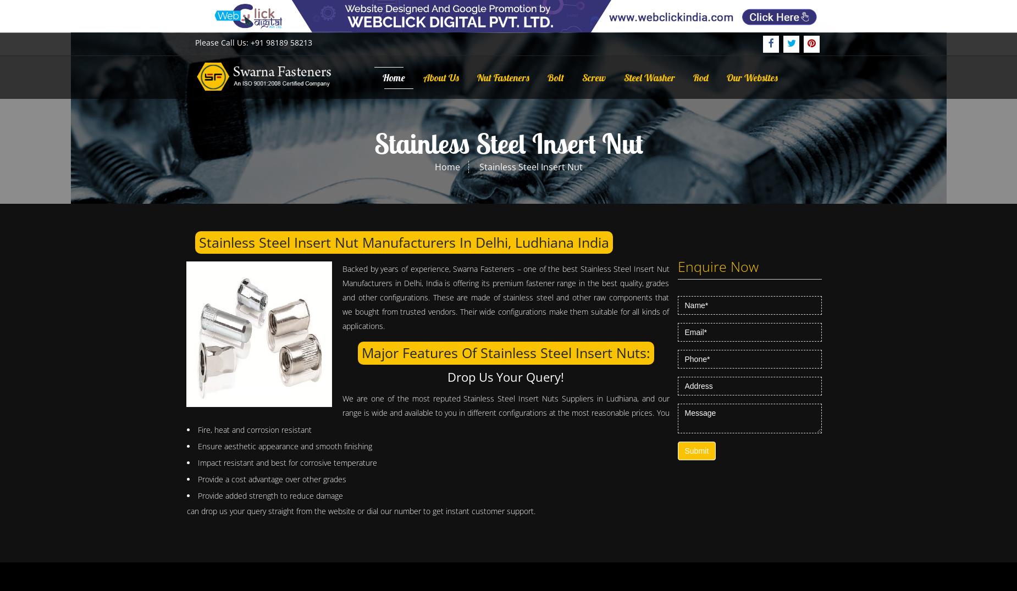 The width and height of the screenshot is (1017, 591). Describe the element at coordinates (717, 265) in the screenshot. I see `'Enquire Now'` at that location.